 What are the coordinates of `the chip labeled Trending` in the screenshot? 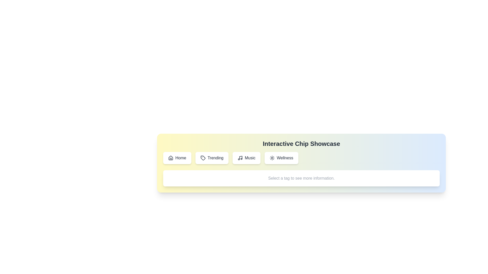 It's located at (212, 158).